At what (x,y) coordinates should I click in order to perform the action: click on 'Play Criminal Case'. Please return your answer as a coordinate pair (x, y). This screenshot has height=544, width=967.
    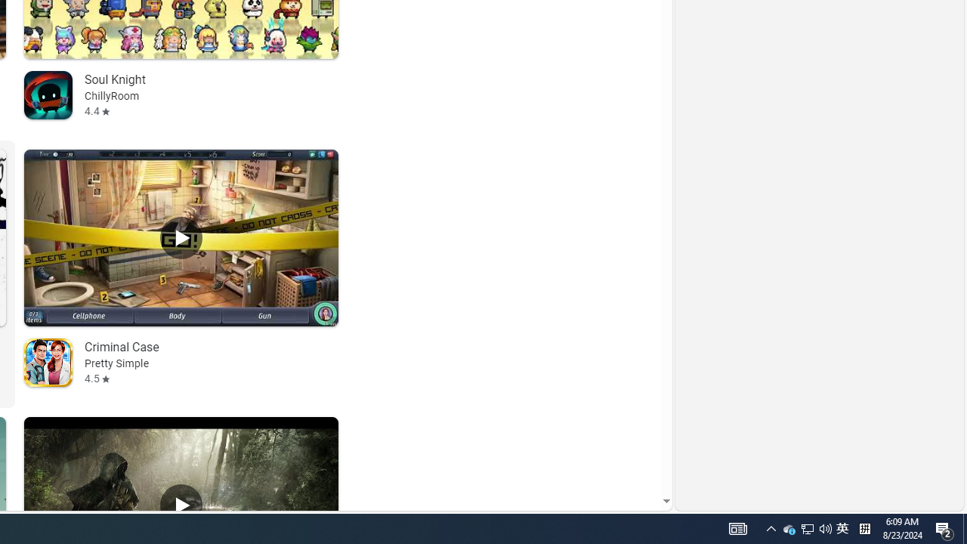
    Looking at the image, I should click on (181, 238).